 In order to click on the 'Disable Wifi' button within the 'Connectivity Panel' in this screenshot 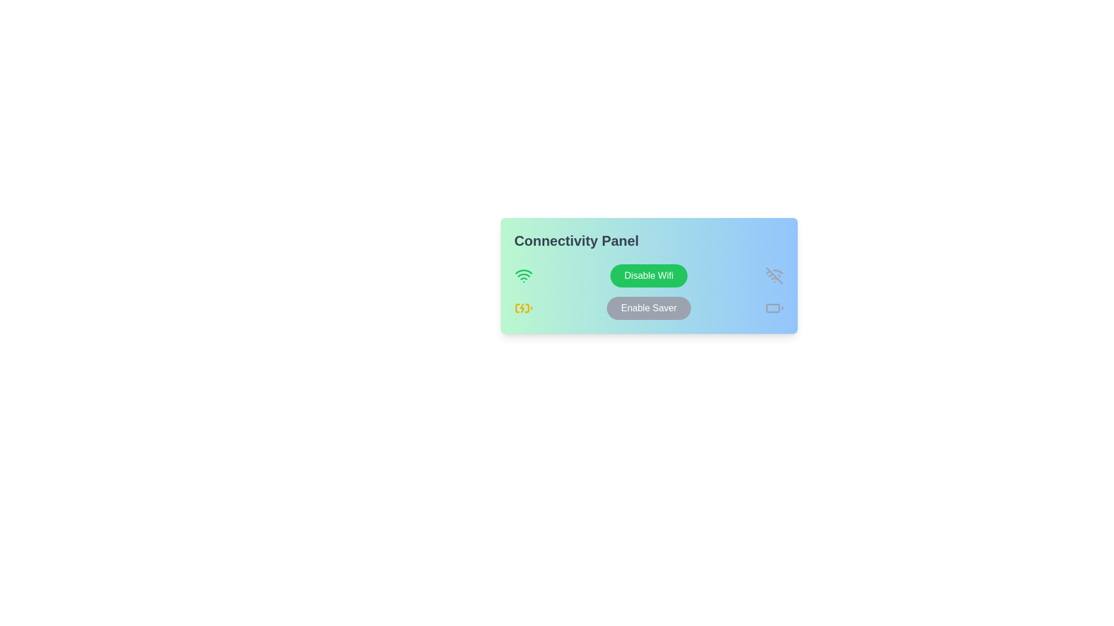, I will do `click(648, 292)`.